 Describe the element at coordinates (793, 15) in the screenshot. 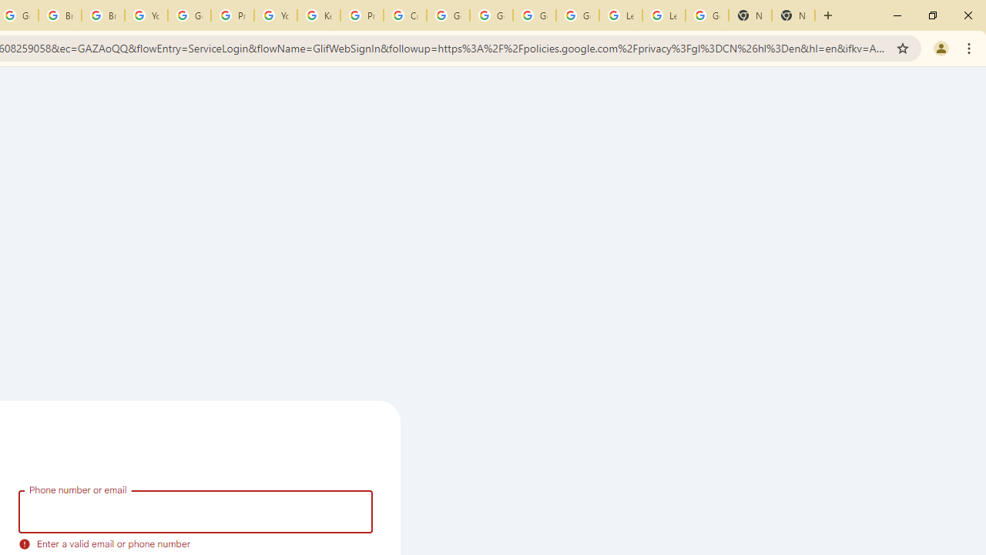

I see `'New Tab'` at that location.